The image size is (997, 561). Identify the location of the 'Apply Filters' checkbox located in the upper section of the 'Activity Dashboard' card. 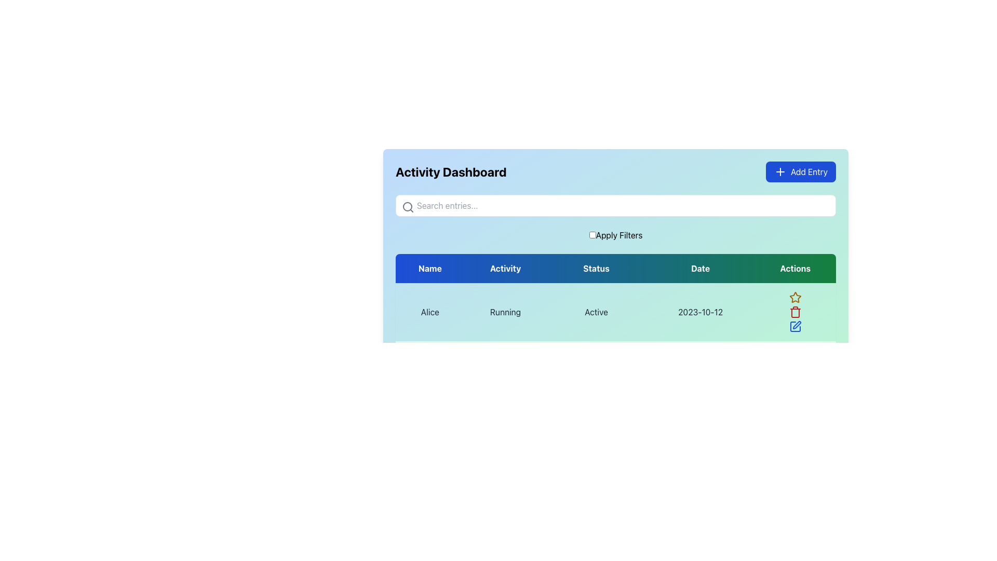
(615, 235).